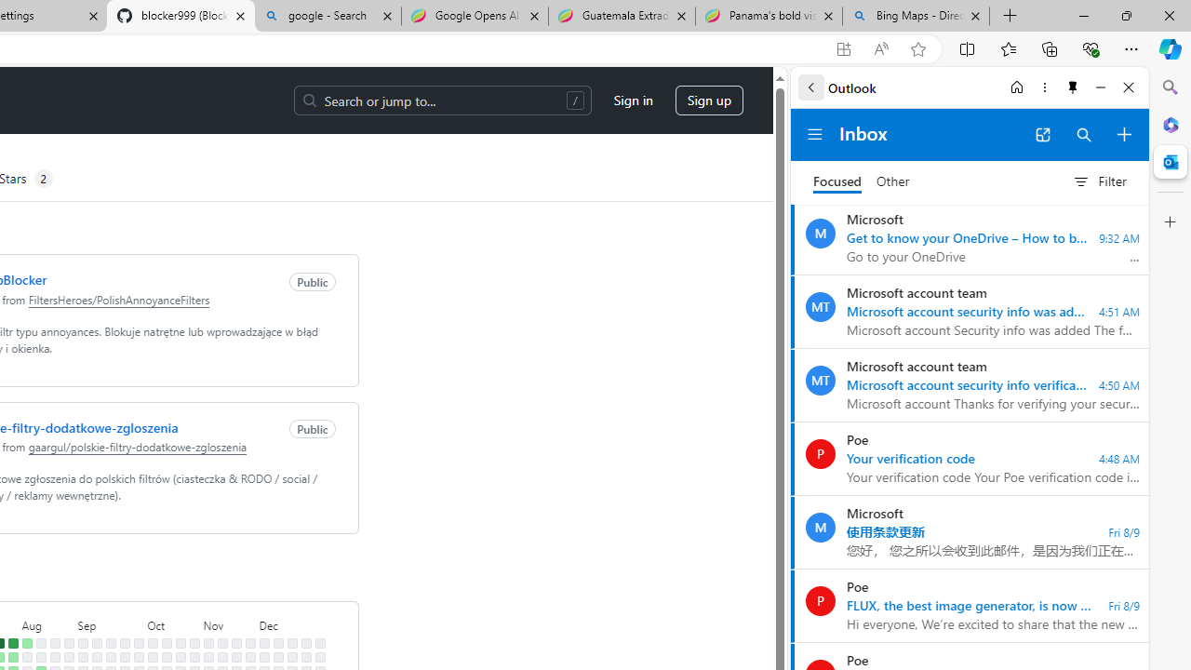 This screenshot has width=1191, height=670. What do you see at coordinates (96, 642) in the screenshot?
I see `'No contributions on September 8th.'` at bounding box center [96, 642].